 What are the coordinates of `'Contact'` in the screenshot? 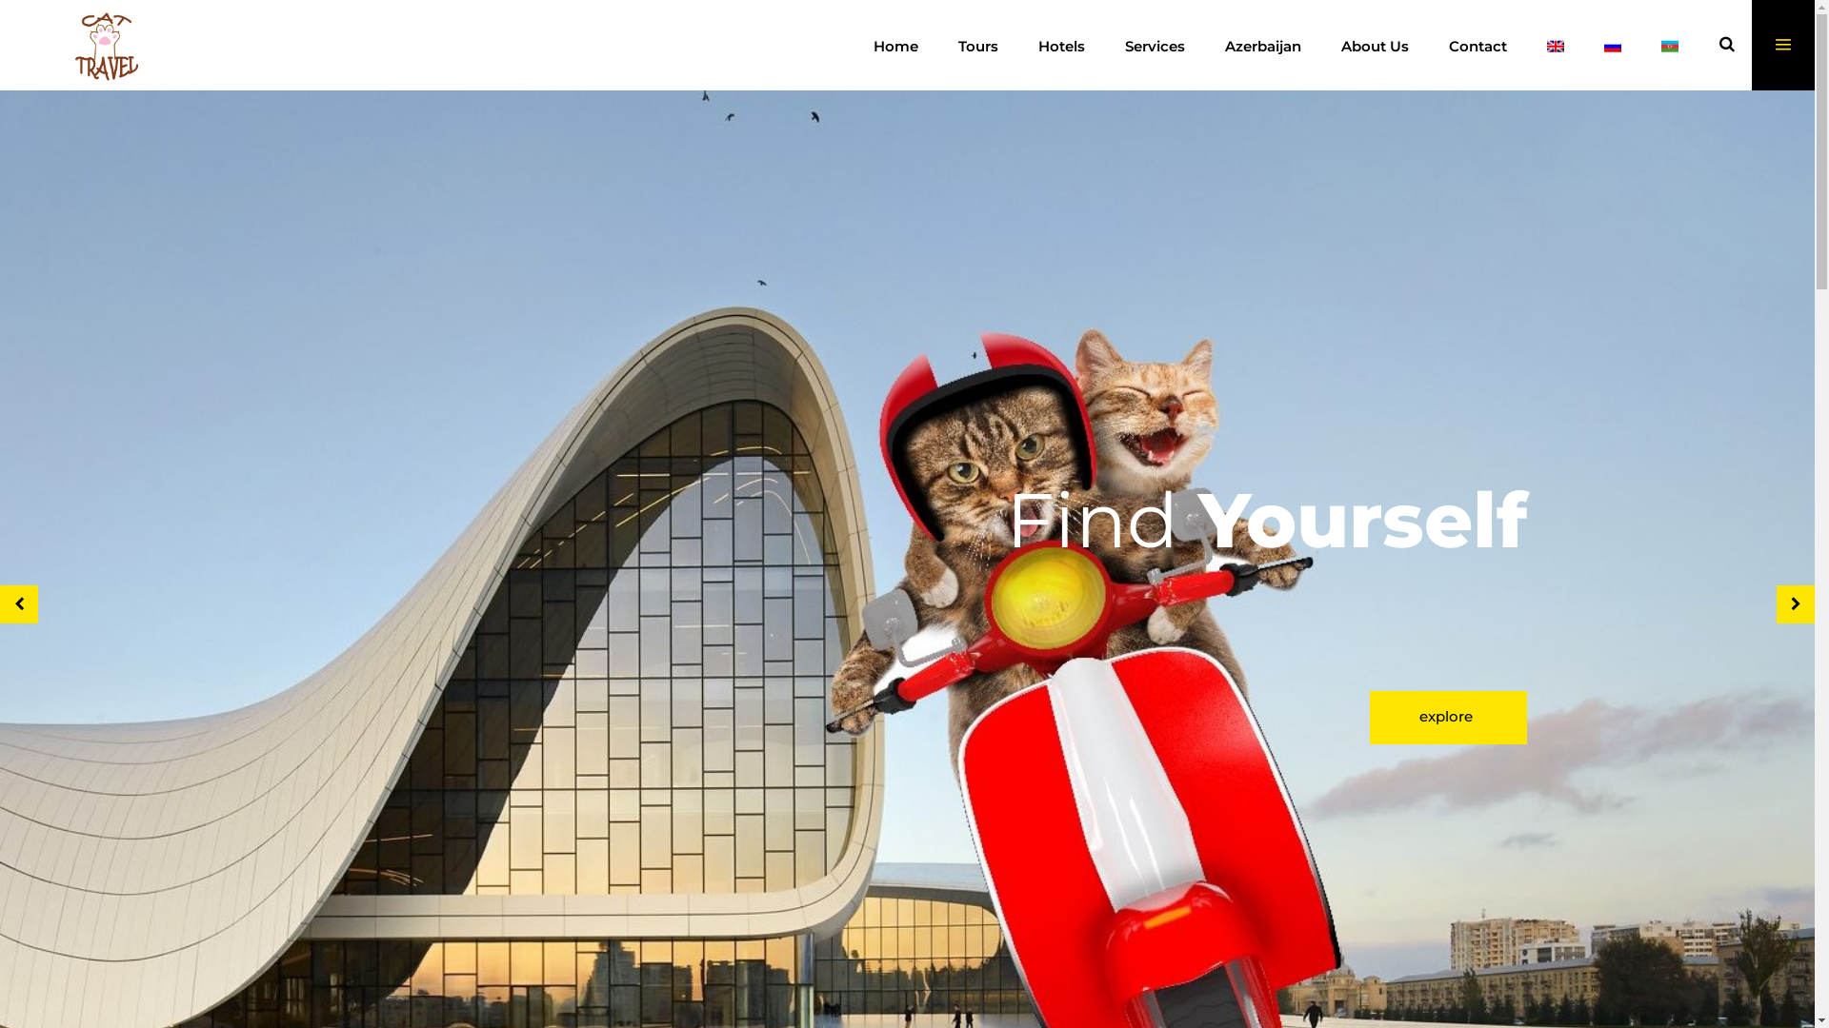 It's located at (1477, 44).